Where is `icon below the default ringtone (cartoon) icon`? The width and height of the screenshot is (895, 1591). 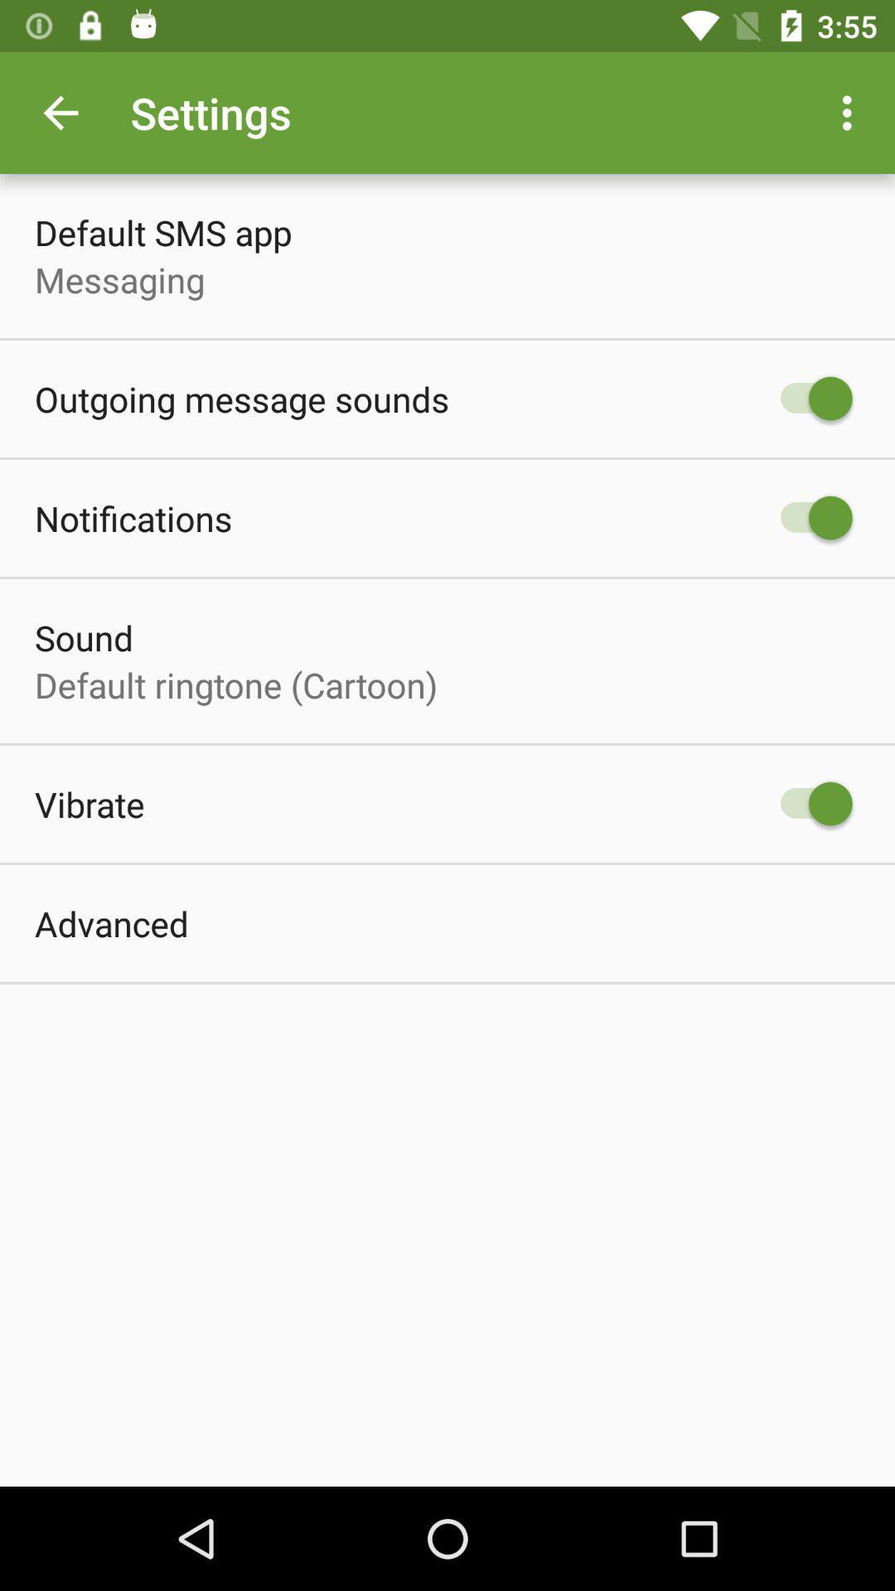
icon below the default ringtone (cartoon) icon is located at coordinates (89, 804).